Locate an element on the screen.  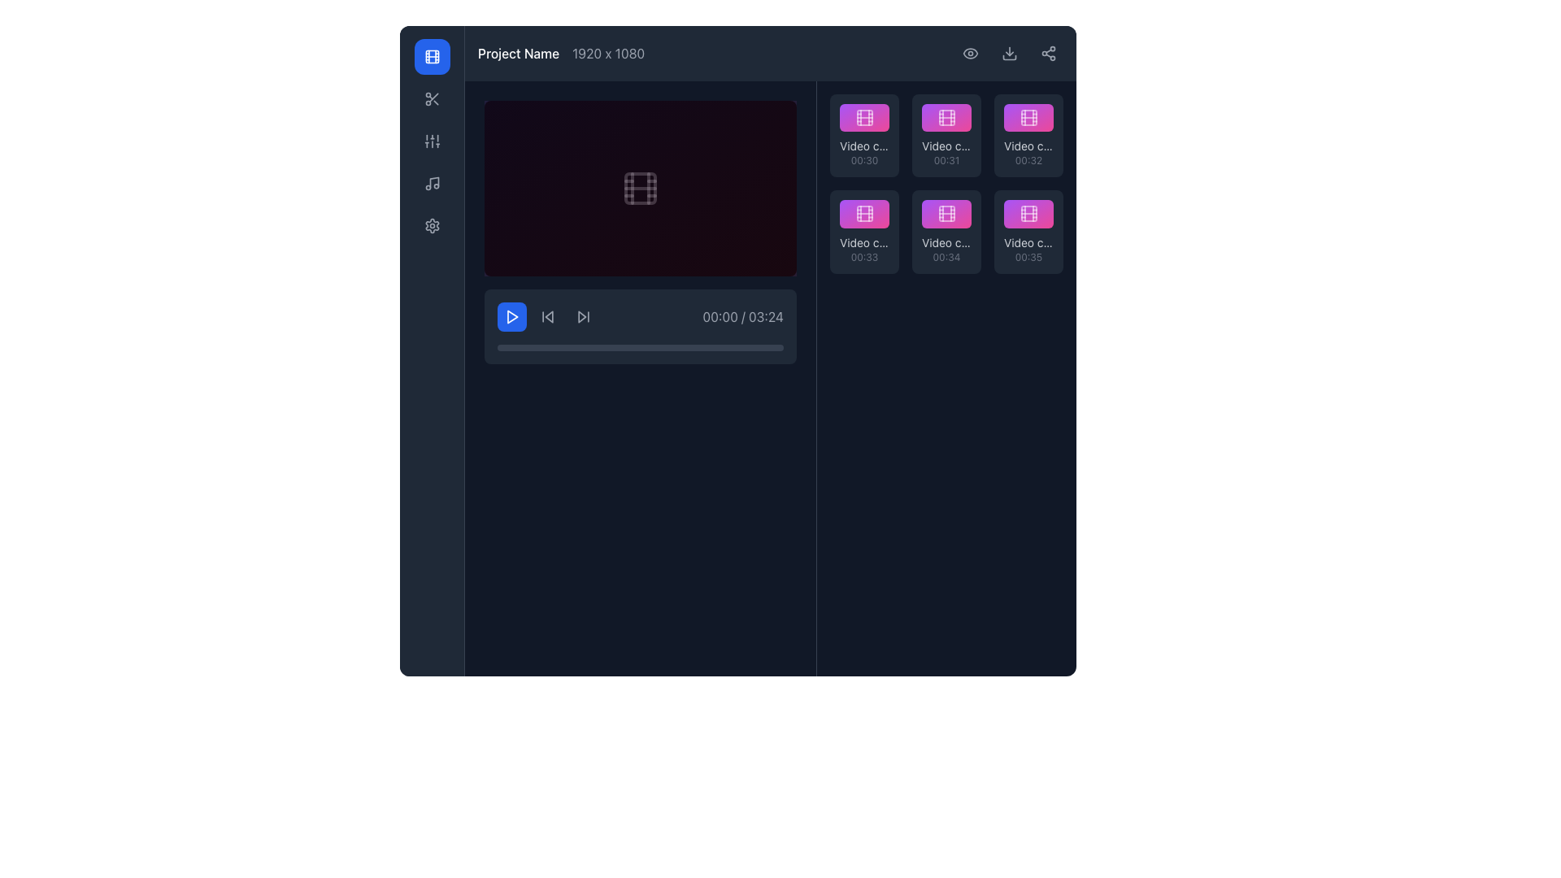
the filmstrip icon button located in the top-left corner of the interface is located at coordinates (432, 55).